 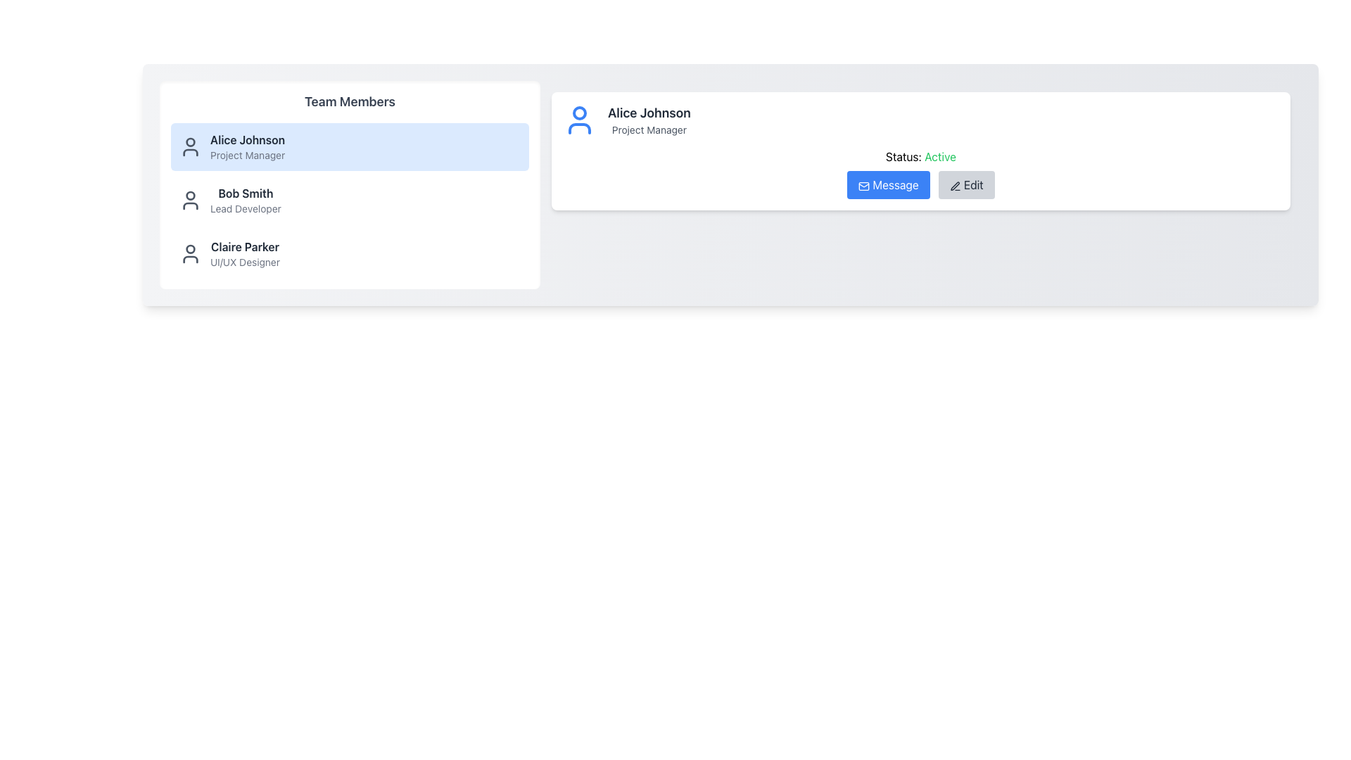 What do you see at coordinates (189, 201) in the screenshot?
I see `the user profile icon representing 'Bob Smith', which is a circular head with a semicircular body, located to the left of the text in the team member list` at bounding box center [189, 201].